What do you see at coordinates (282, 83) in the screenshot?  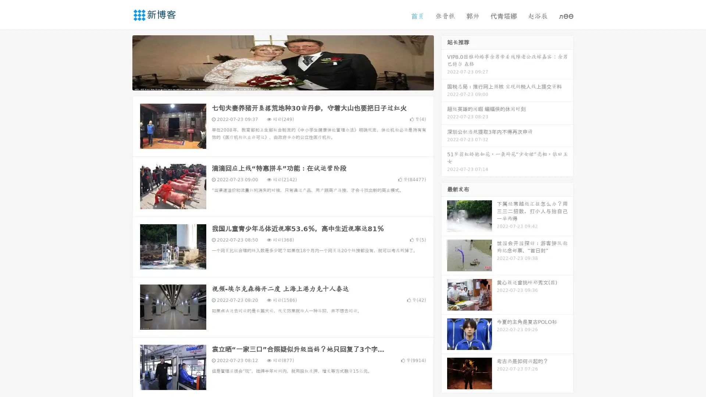 I see `Go to slide 2` at bounding box center [282, 83].